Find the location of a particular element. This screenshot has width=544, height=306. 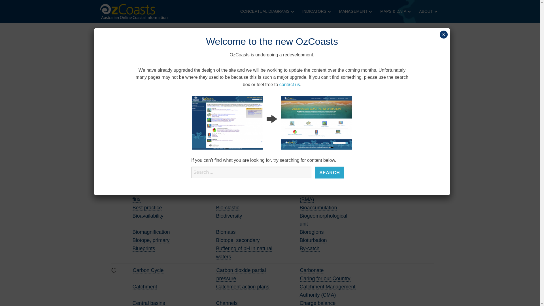

'Bioavailability' is located at coordinates (132, 216).